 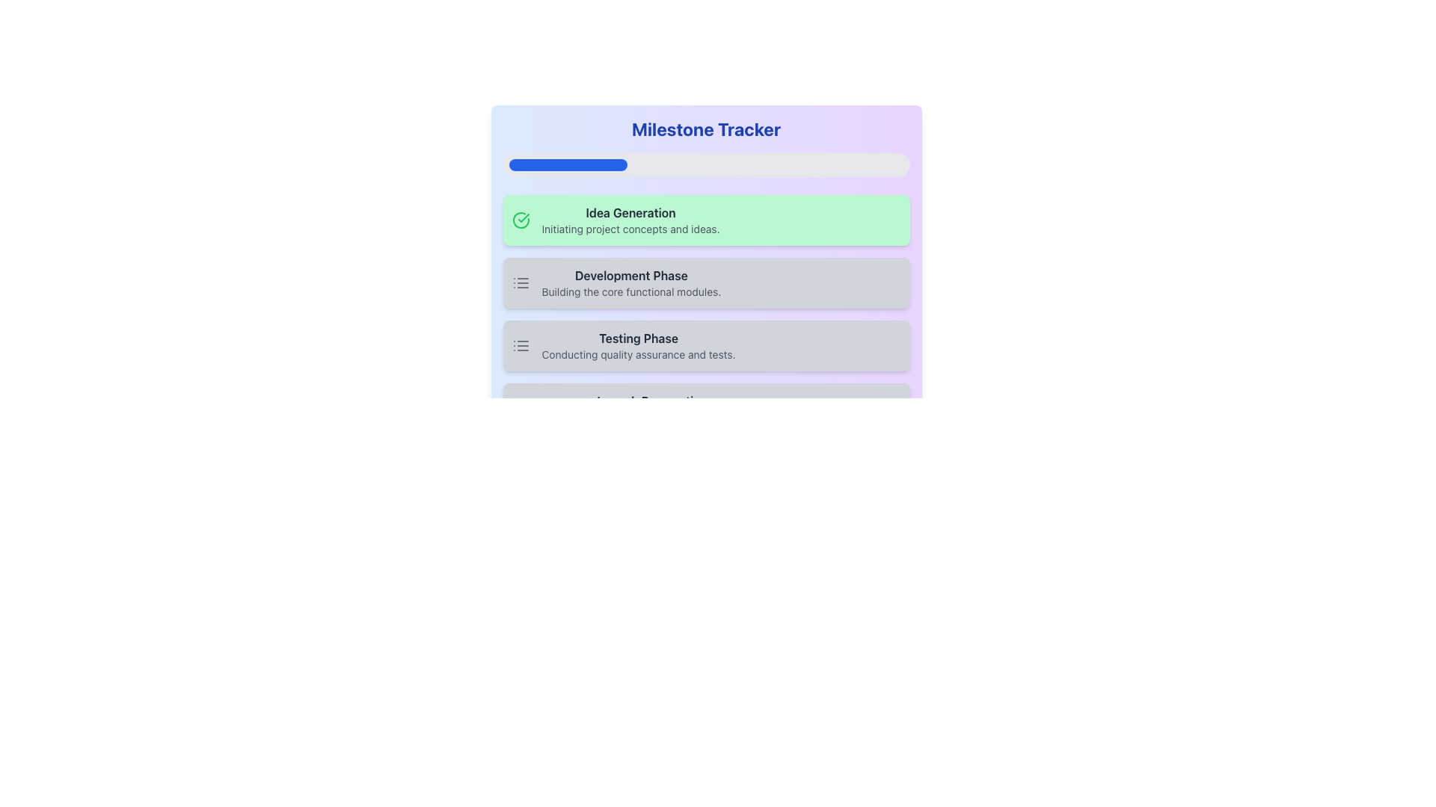 What do you see at coordinates (524, 218) in the screenshot?
I see `the status indication by focusing on the checkmark icon within the green-highlighted 'Idea Generation' card, which represents the task's completed status` at bounding box center [524, 218].